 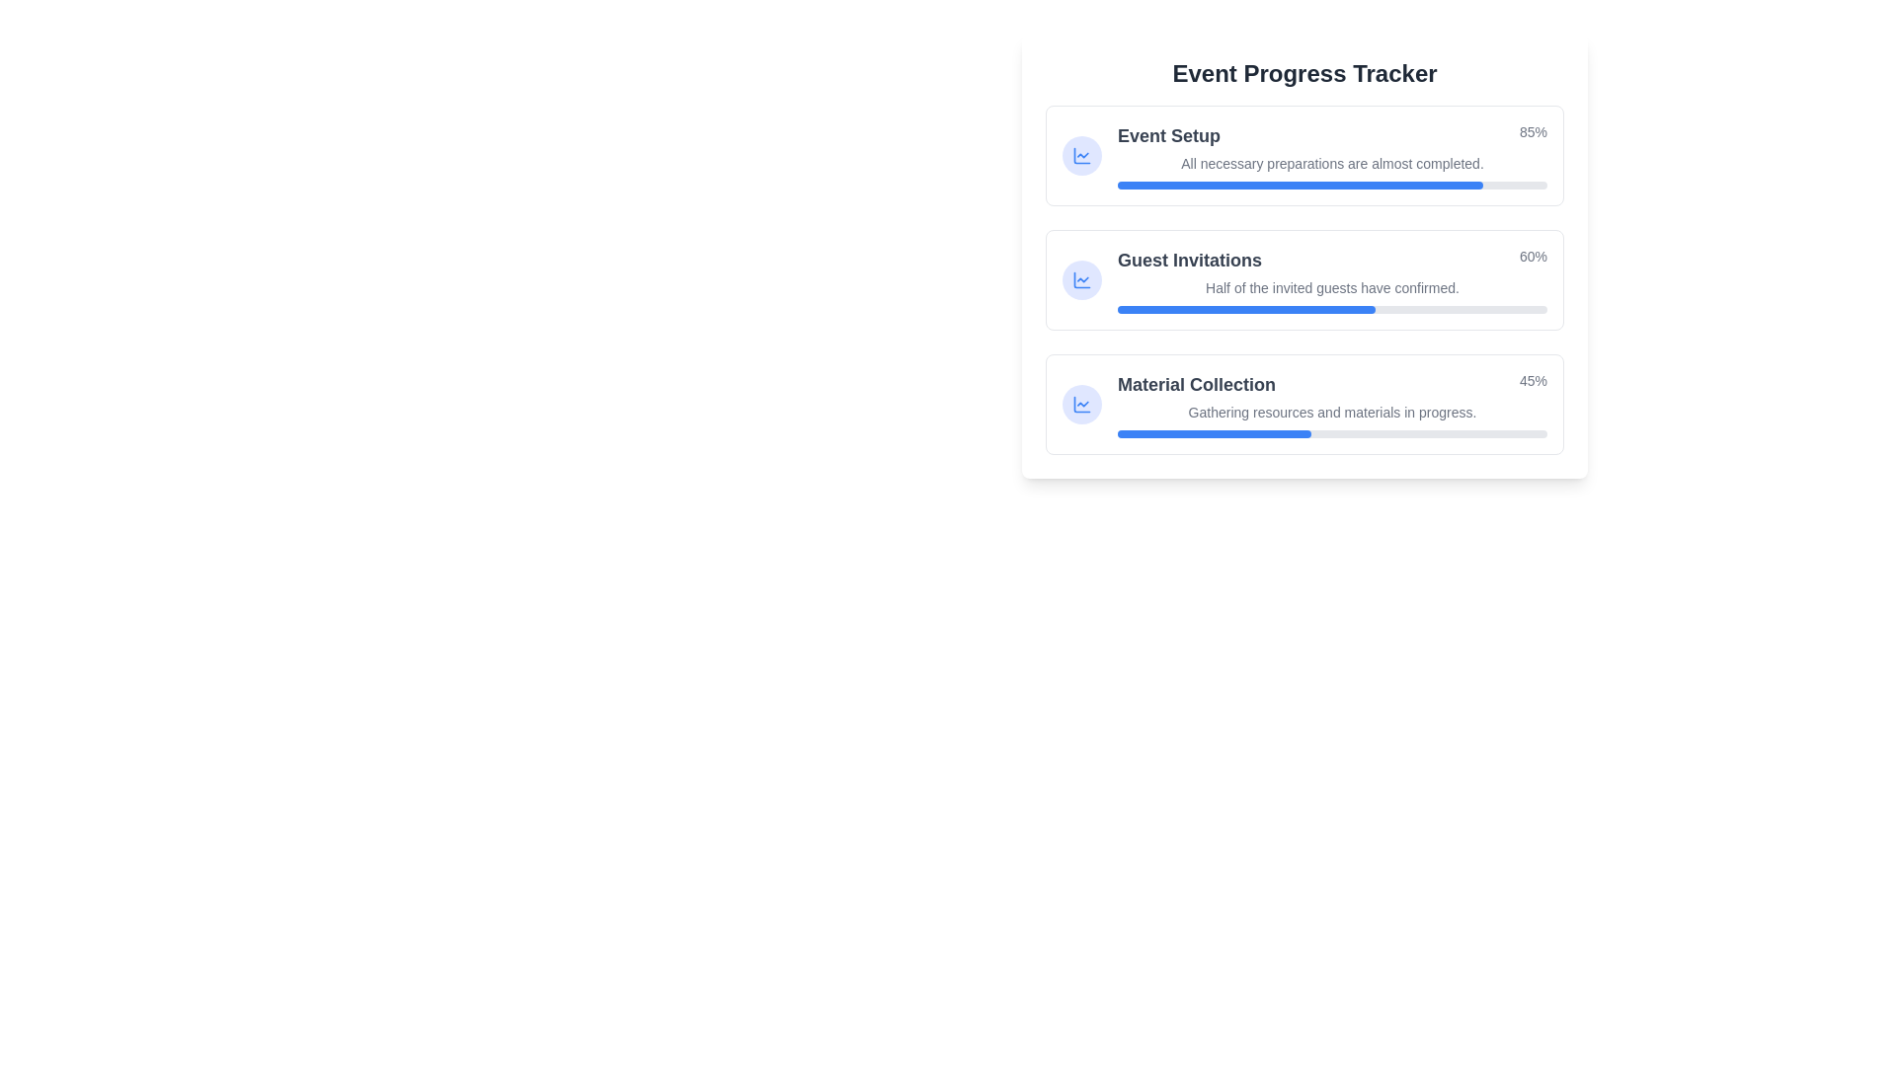 I want to click on the informational component titled 'Guest Invitations' displaying a progress bar and related text, located centrally in the 'Event Progress Tracker' section, so click(x=1332, y=280).